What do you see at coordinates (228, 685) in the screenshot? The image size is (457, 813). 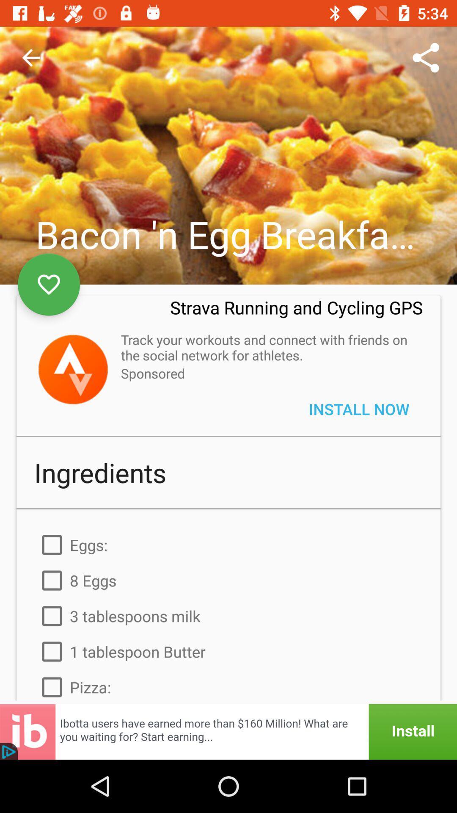 I see `item below the 1 tablespoon butter` at bounding box center [228, 685].